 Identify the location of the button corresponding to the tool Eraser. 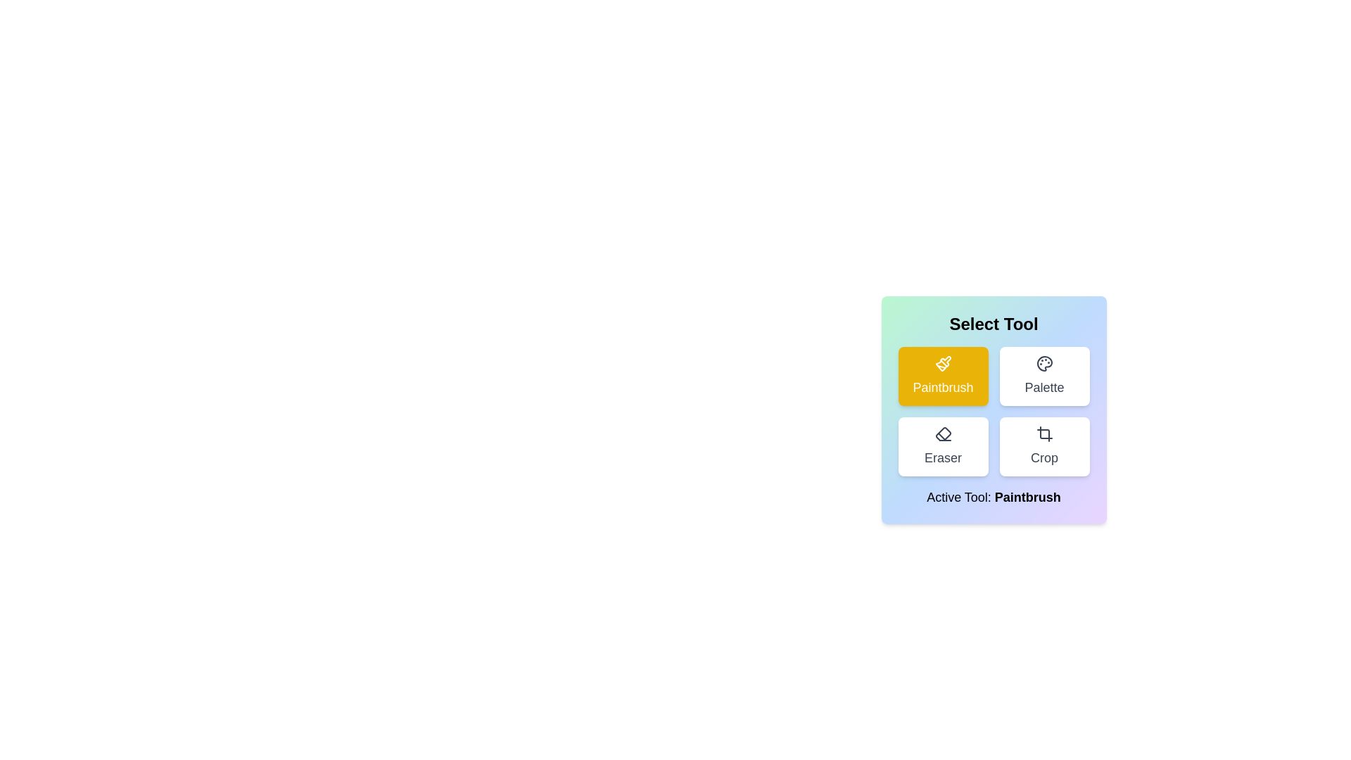
(943, 447).